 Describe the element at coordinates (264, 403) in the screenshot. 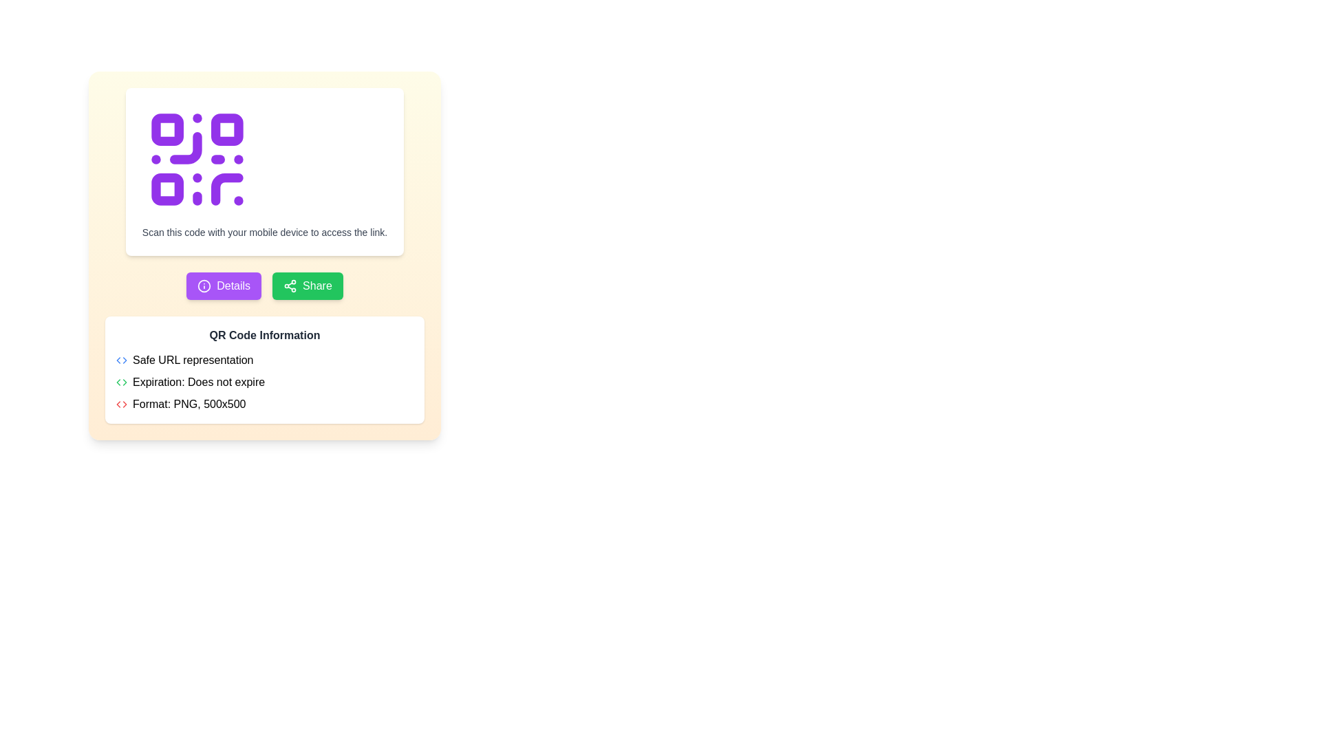

I see `the text-label element displaying 'Format: PNG, 500x500' with a red code symbol icon, located in the 'QR Code Information' section, which is the last entry in the list` at that location.